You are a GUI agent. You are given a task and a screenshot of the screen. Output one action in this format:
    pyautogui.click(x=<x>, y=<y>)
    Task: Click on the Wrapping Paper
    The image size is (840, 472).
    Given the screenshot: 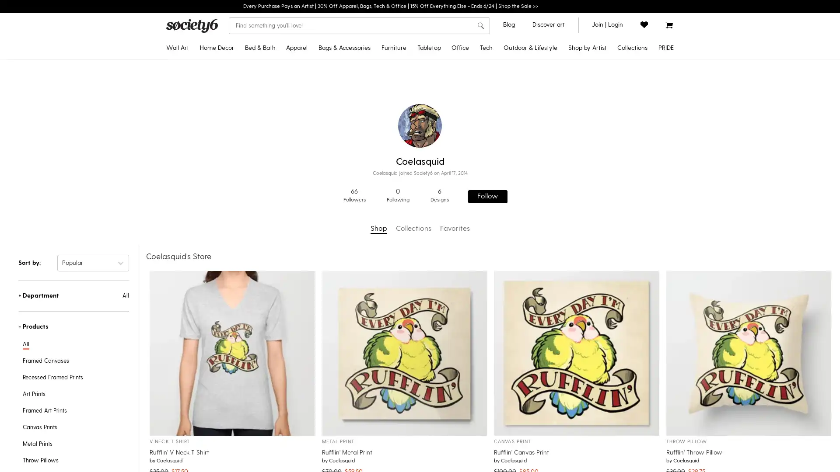 What is the action you would take?
    pyautogui.click(x=482, y=169)
    